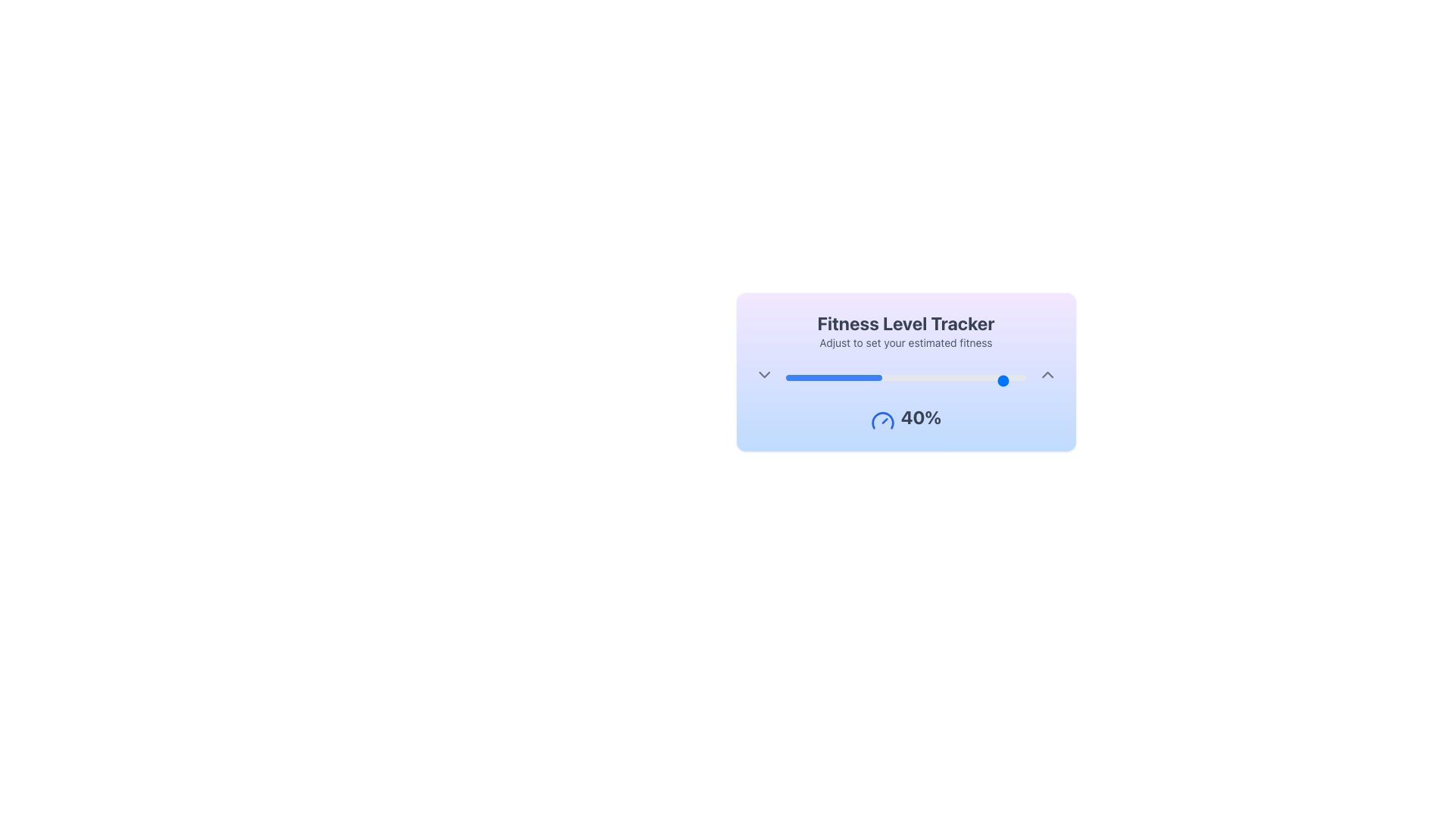  I want to click on the slider value, so click(865, 374).